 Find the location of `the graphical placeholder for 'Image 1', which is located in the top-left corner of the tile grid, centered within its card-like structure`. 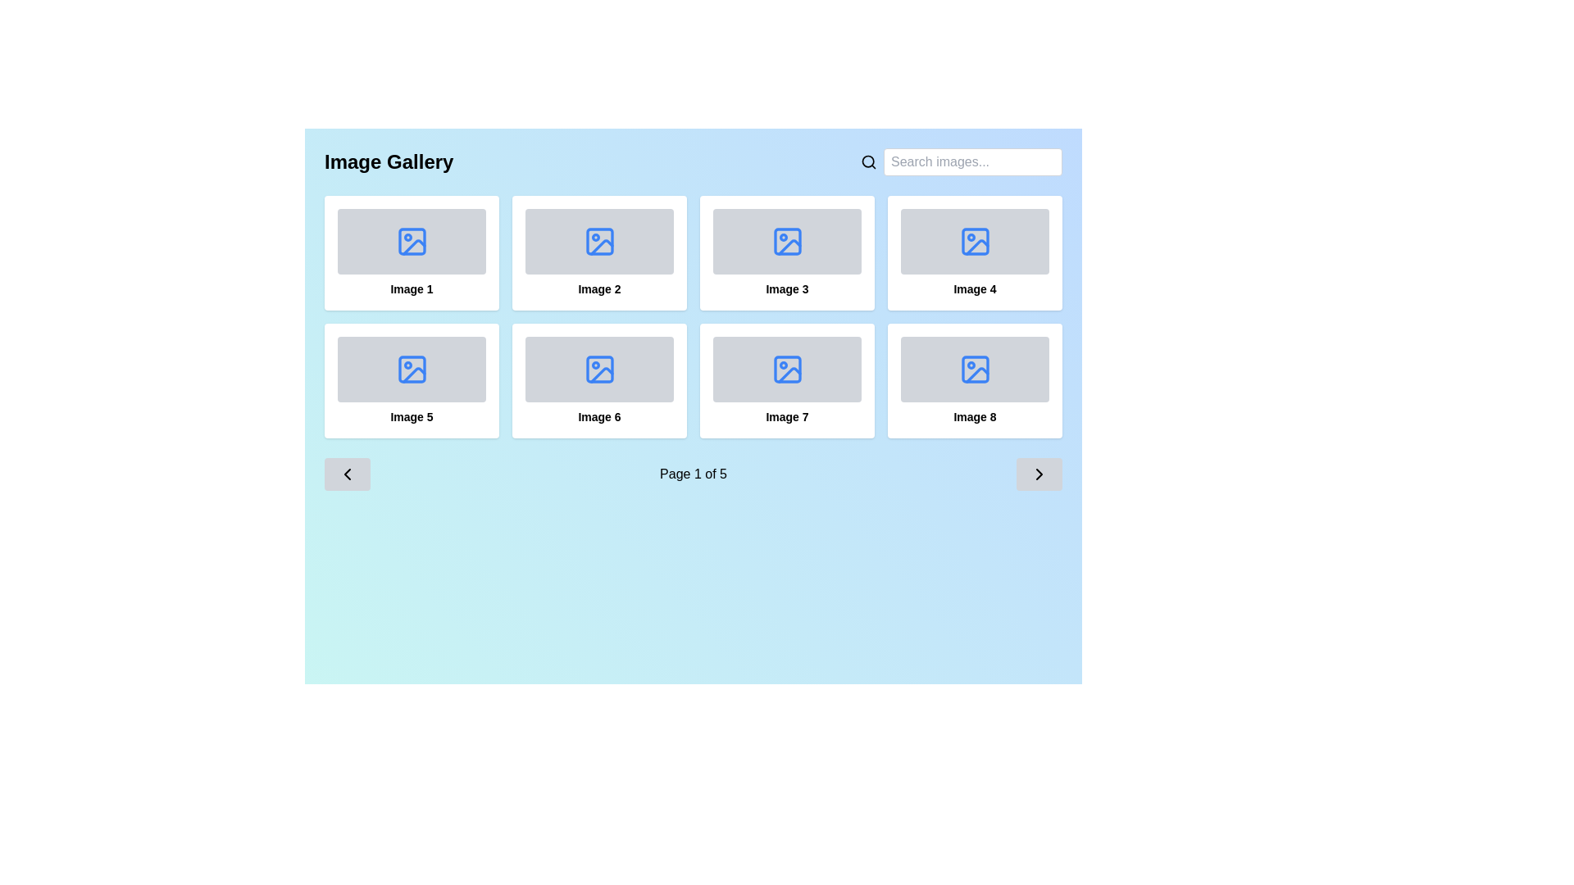

the graphical placeholder for 'Image 1', which is located in the top-left corner of the tile grid, centered within its card-like structure is located at coordinates (412, 241).